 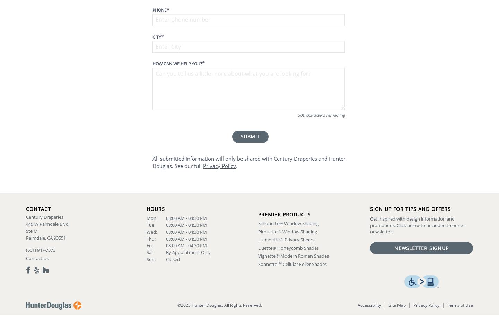 I want to click on 'Tue:', so click(x=146, y=224).